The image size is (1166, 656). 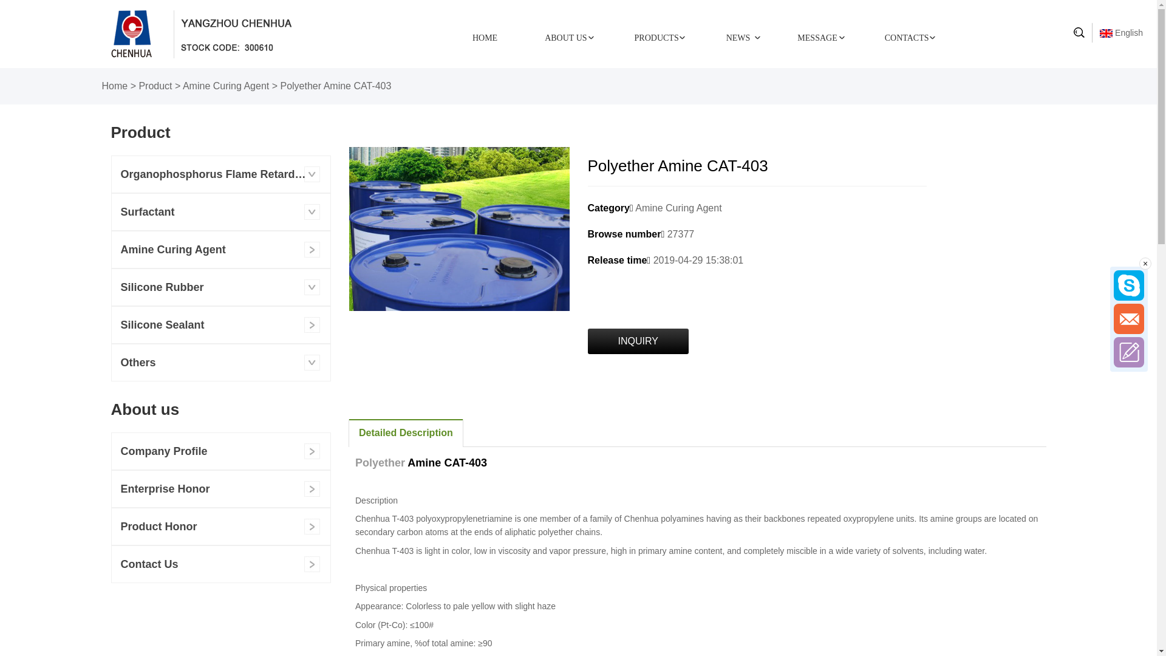 What do you see at coordinates (656, 36) in the screenshot?
I see `'PRODUCTS'` at bounding box center [656, 36].